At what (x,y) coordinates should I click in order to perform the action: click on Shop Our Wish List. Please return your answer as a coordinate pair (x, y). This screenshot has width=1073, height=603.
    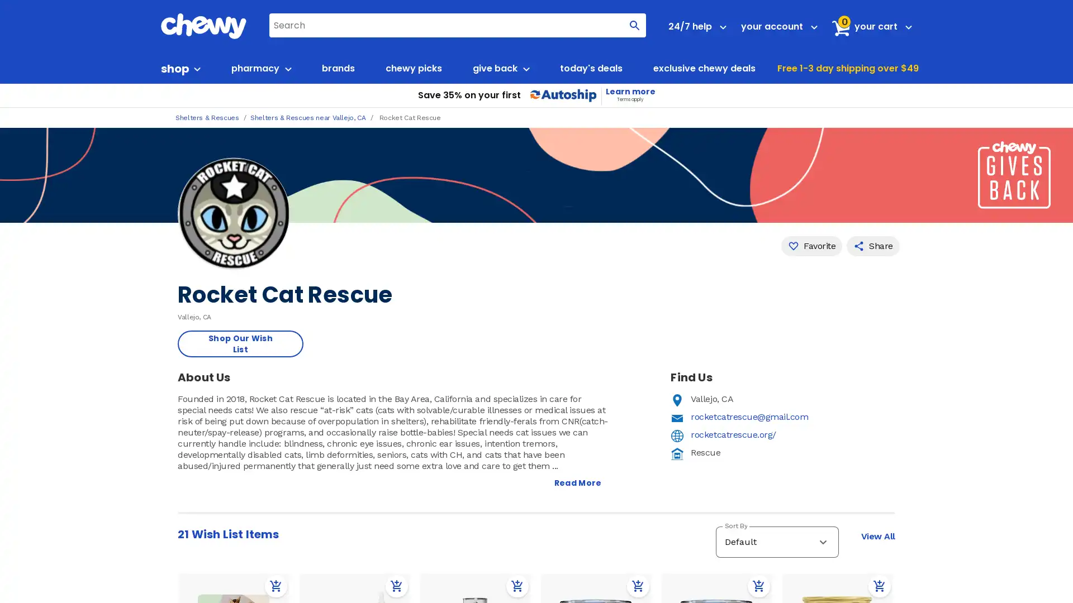
    Looking at the image, I should click on (240, 343).